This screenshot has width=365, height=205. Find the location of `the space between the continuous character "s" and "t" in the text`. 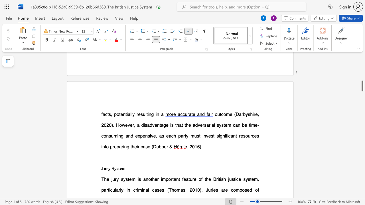

the space between the continuous character "s" and "t" in the text is located at coordinates (118, 168).